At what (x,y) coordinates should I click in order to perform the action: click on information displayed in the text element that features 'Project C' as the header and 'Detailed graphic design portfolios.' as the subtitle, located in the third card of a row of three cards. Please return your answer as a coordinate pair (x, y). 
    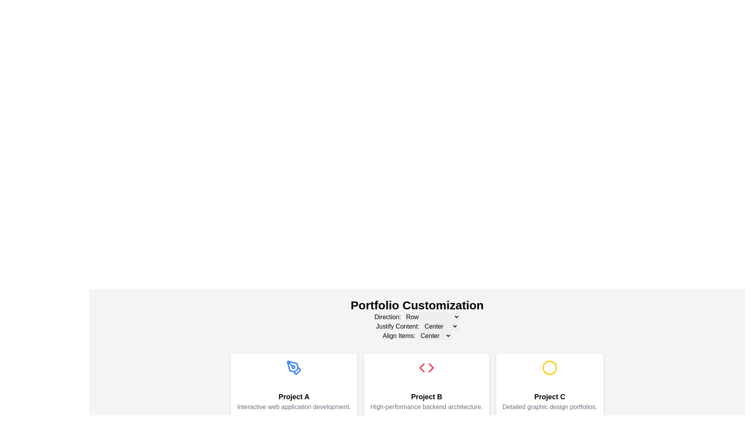
    Looking at the image, I should click on (549, 401).